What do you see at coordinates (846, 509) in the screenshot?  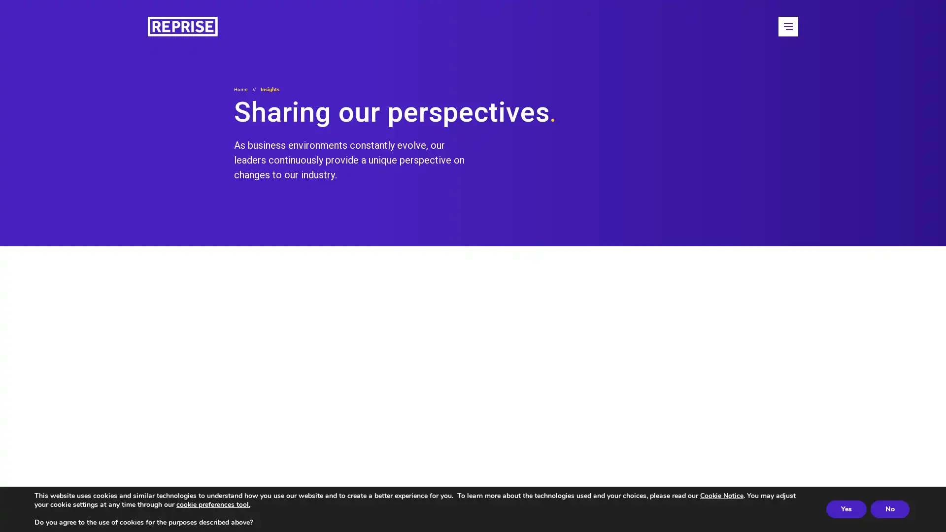 I see `Yes` at bounding box center [846, 509].